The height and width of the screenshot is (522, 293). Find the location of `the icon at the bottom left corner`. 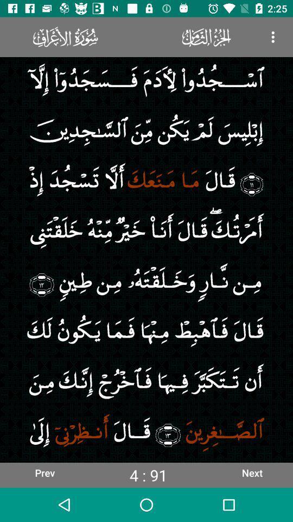

the icon at the bottom left corner is located at coordinates (44, 472).